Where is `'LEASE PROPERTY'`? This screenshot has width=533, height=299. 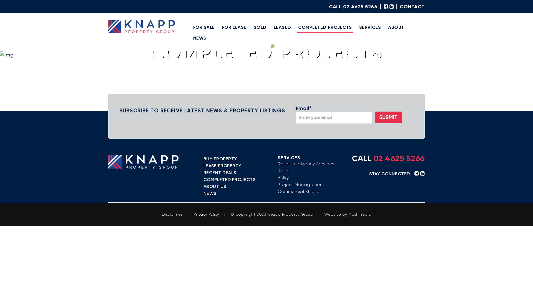
'LEASE PROPERTY' is located at coordinates (222, 165).